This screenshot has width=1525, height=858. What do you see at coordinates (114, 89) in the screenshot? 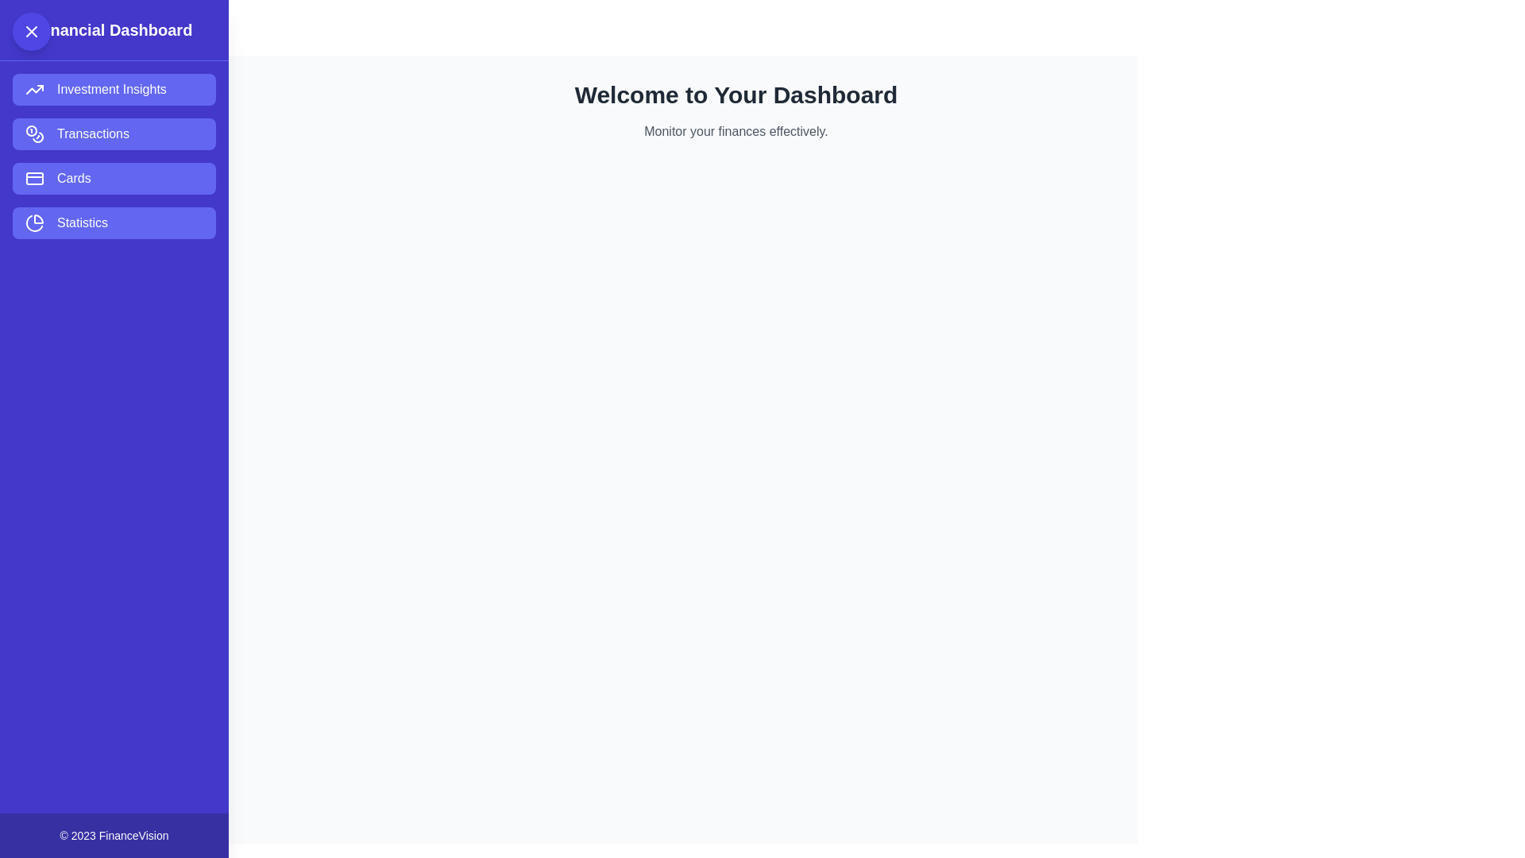
I see `the 'Investment Insights' button, which is a rectangular button with rounded corners, an indigo background, and an upward-trending arrow icon` at bounding box center [114, 89].